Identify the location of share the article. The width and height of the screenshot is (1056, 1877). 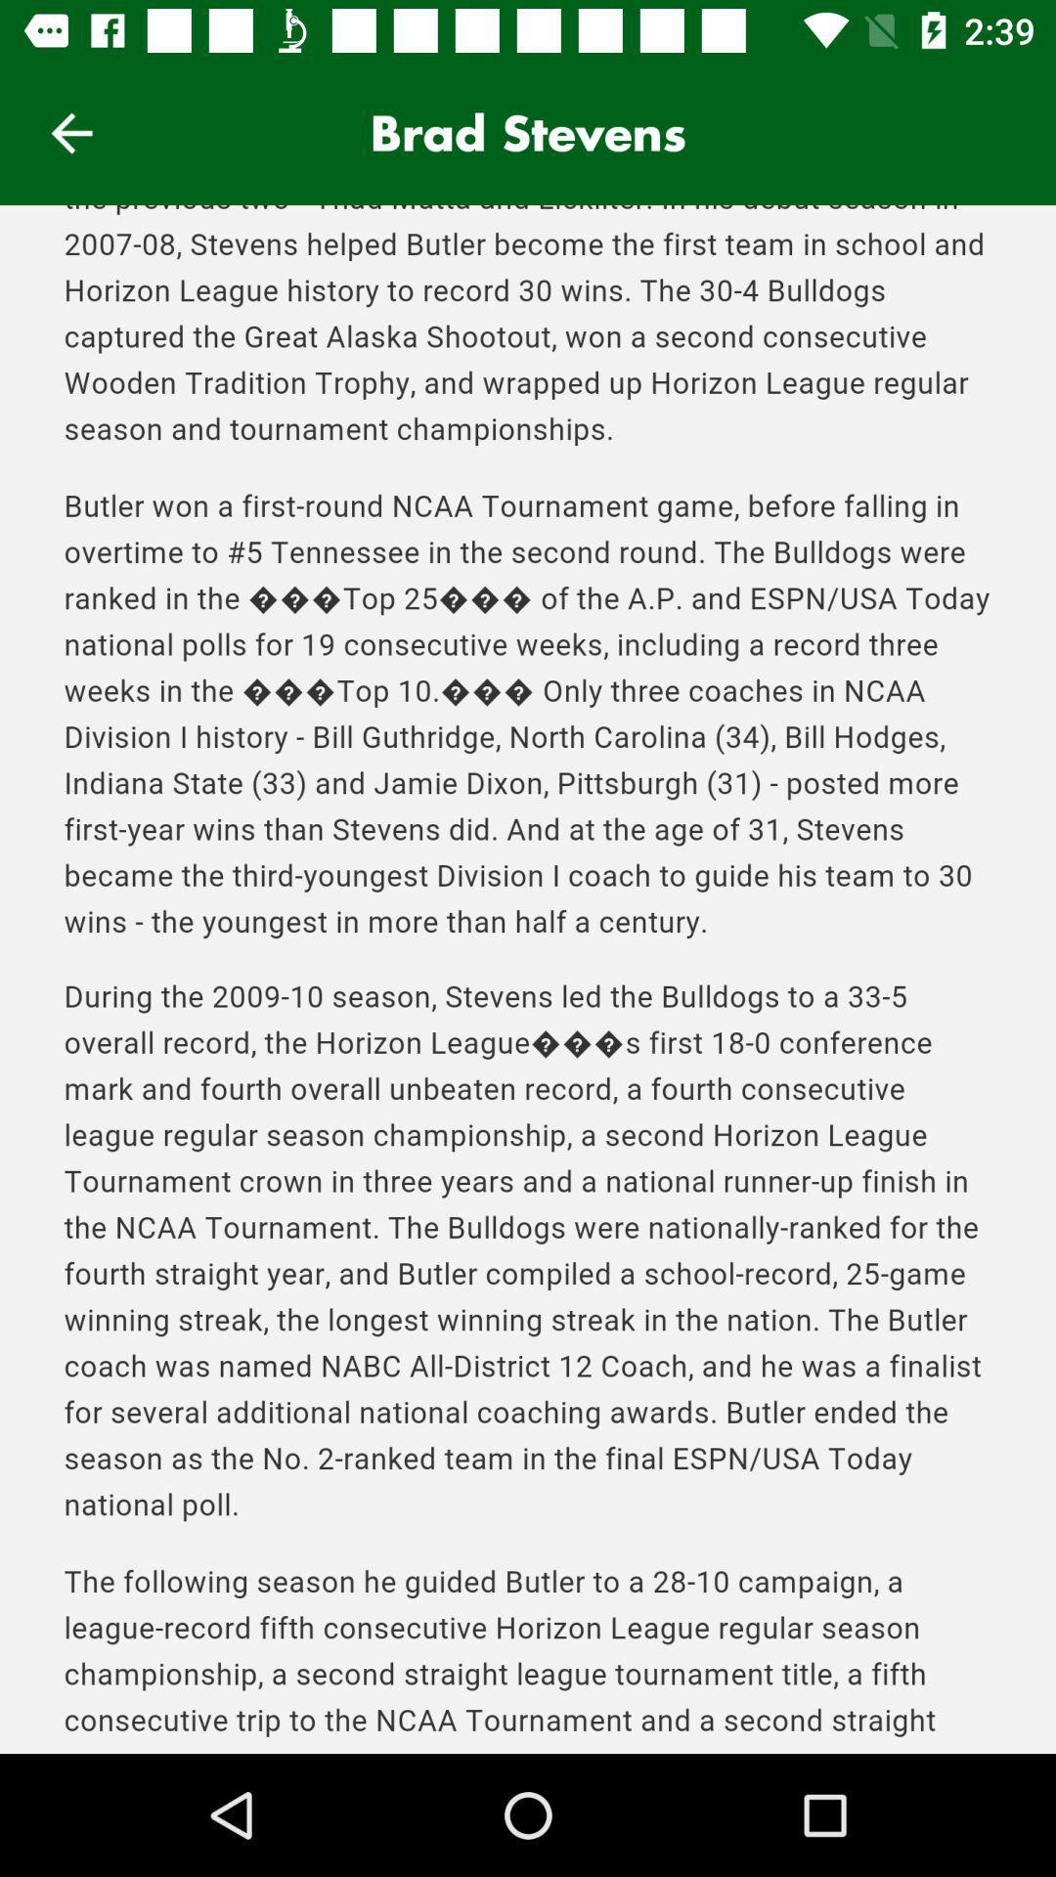
(528, 980).